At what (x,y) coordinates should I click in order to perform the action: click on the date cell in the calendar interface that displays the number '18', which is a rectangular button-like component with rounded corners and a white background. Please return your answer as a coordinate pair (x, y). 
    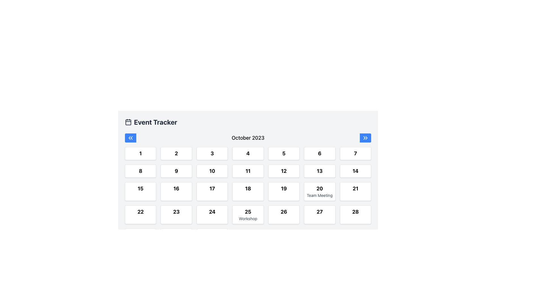
    Looking at the image, I should click on (248, 191).